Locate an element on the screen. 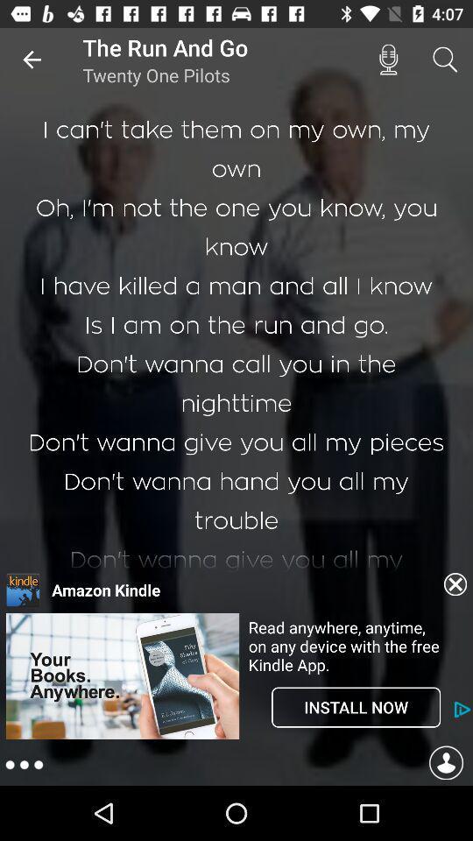 The image size is (473, 841). exit advertisement is located at coordinates (455, 584).